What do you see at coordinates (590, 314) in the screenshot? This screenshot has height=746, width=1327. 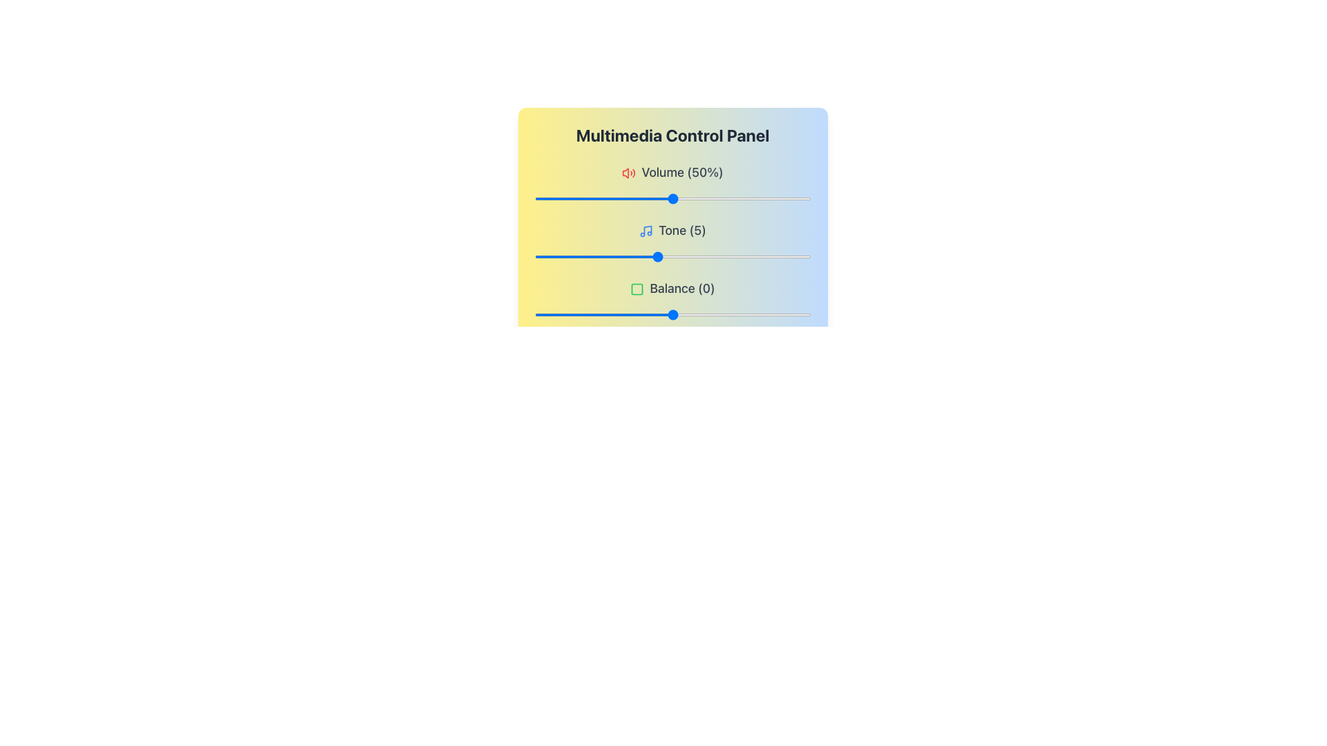 I see `balance` at bounding box center [590, 314].